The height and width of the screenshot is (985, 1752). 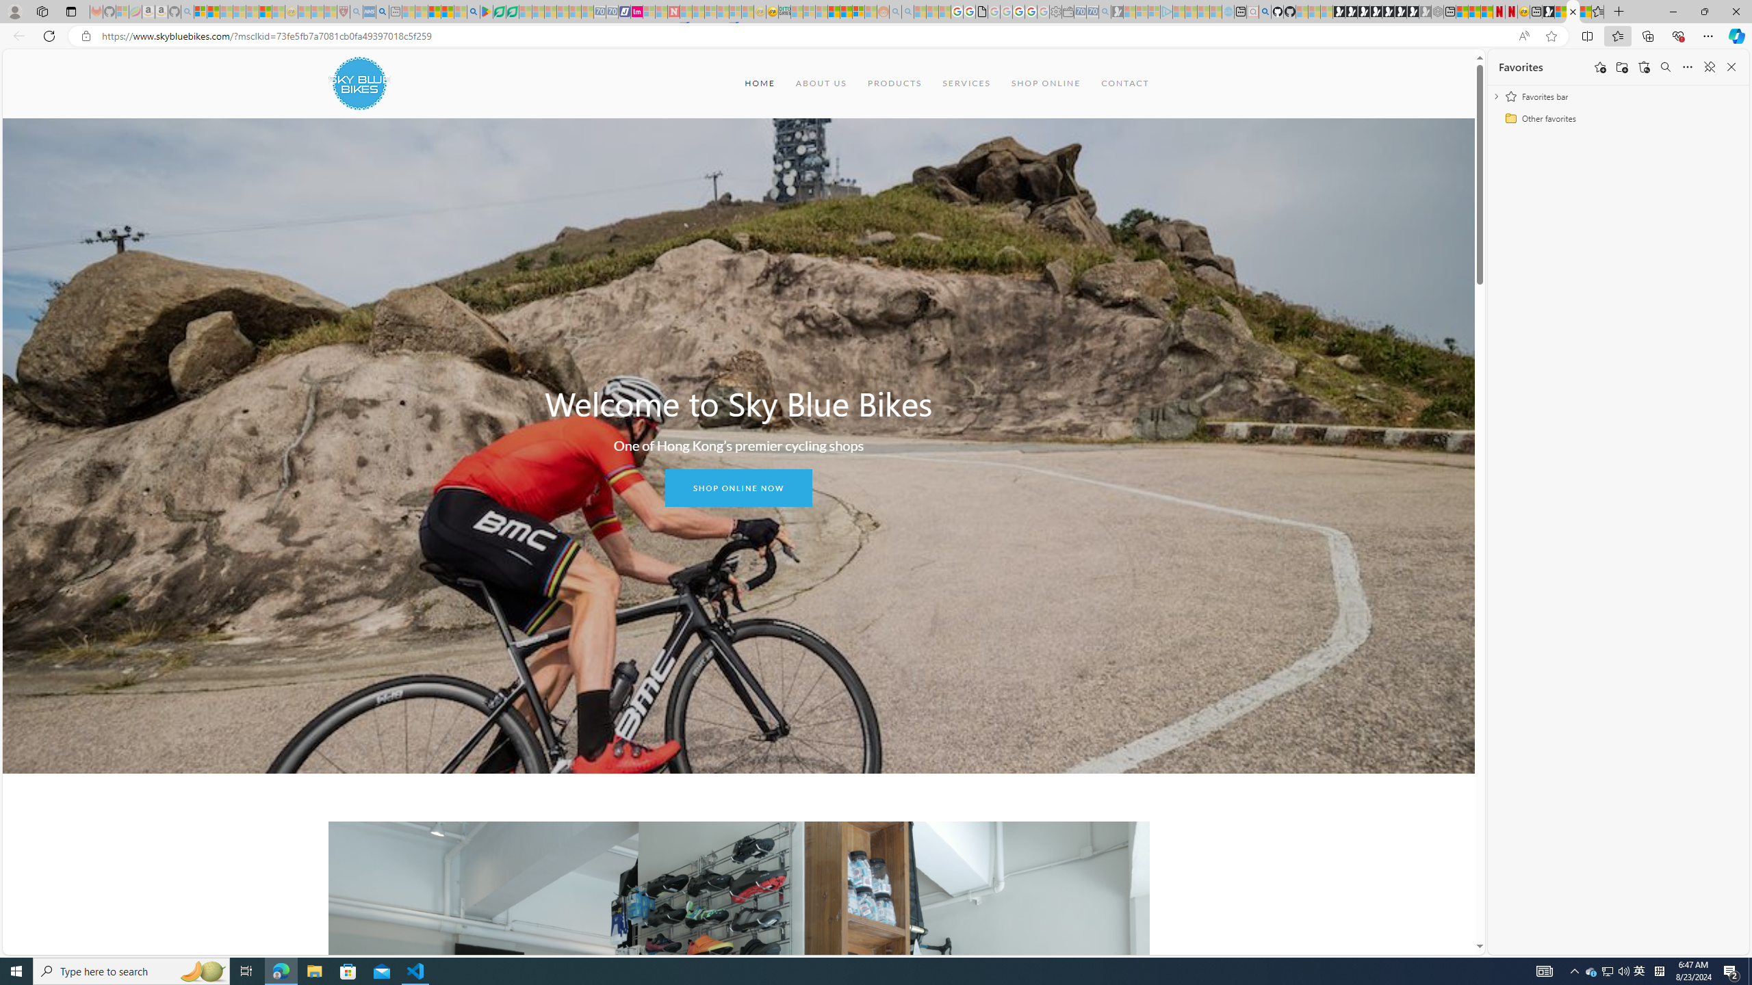 I want to click on 'Microsoft Word - consumer-privacy address update 2.2021', so click(x=513, y=11).